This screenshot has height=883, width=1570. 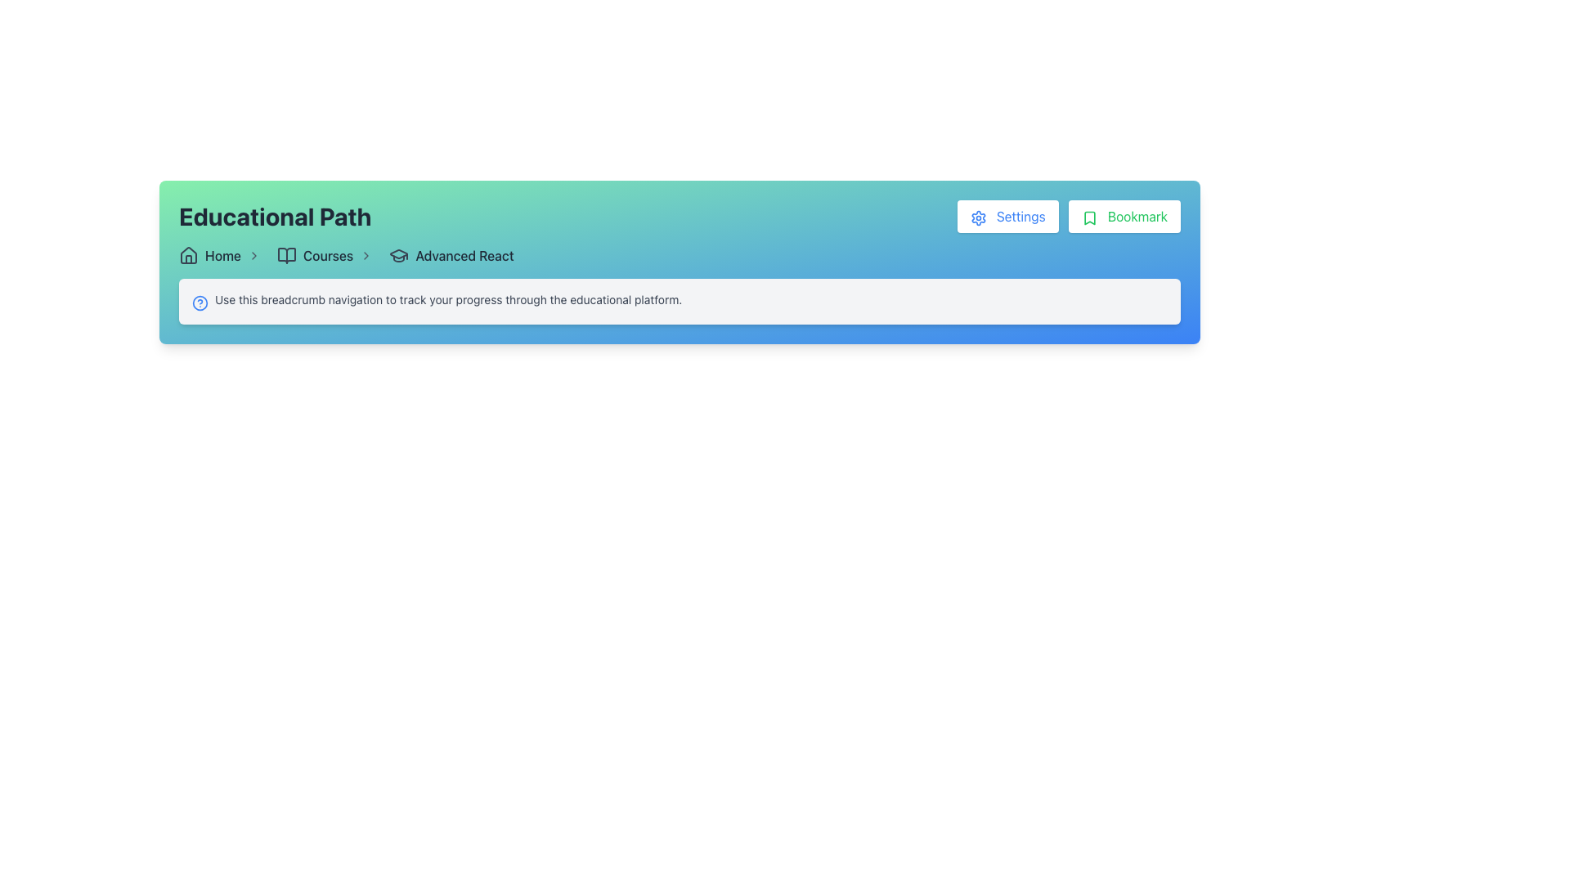 I want to click on the house-shaped icon in the breadcrumb navigation bar, so click(x=188, y=255).